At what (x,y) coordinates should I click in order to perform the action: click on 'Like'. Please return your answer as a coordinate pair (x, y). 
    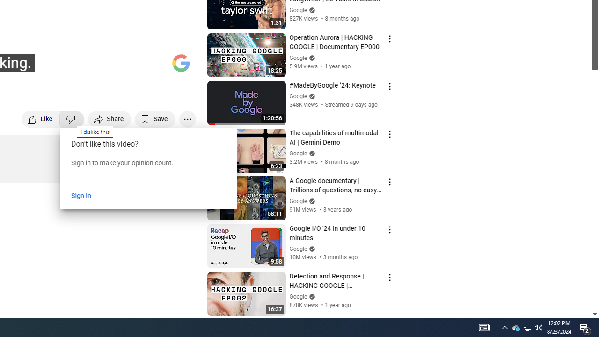
    Looking at the image, I should click on (40, 118).